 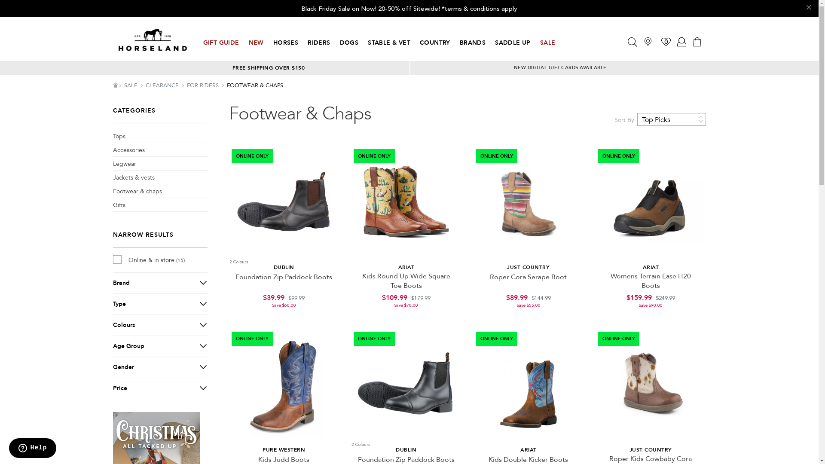 What do you see at coordinates (388, 43) in the screenshot?
I see `'STABLE & VET'` at bounding box center [388, 43].